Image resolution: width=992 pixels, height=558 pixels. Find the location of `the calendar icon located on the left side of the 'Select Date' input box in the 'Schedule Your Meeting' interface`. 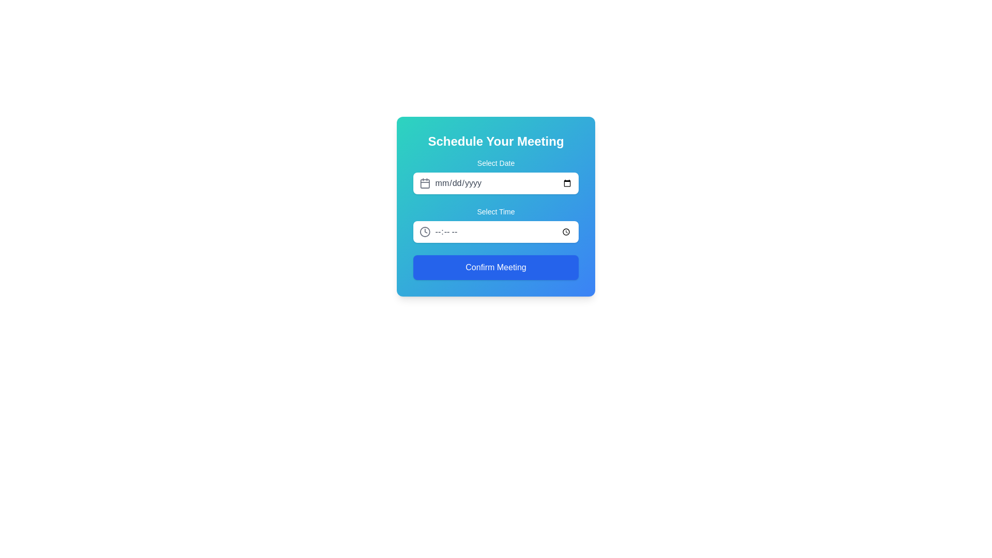

the calendar icon located on the left side of the 'Select Date' input box in the 'Schedule Your Meeting' interface is located at coordinates (425, 182).